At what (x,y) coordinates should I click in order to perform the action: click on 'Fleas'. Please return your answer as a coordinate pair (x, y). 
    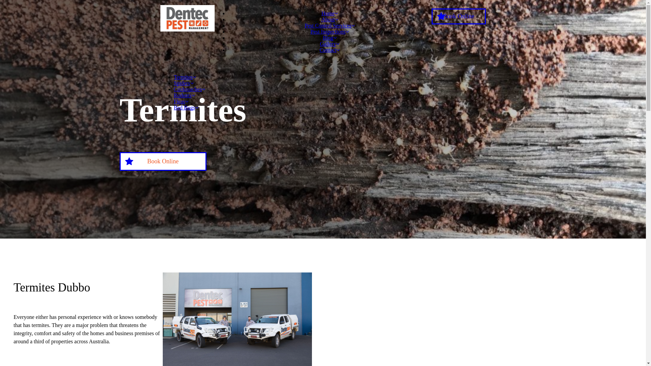
    Looking at the image, I should click on (181, 101).